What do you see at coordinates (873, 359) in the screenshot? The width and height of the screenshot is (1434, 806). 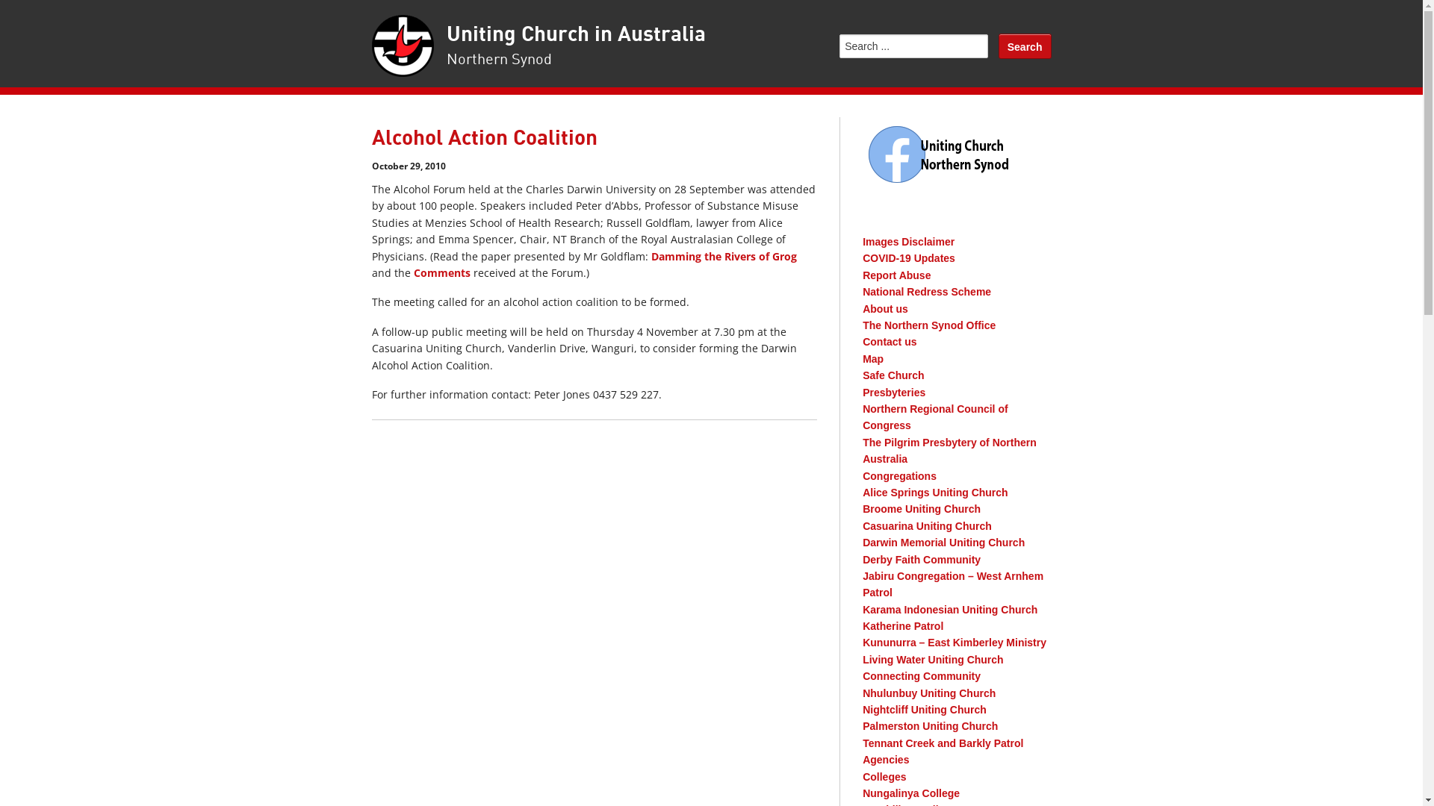 I see `'Map'` at bounding box center [873, 359].